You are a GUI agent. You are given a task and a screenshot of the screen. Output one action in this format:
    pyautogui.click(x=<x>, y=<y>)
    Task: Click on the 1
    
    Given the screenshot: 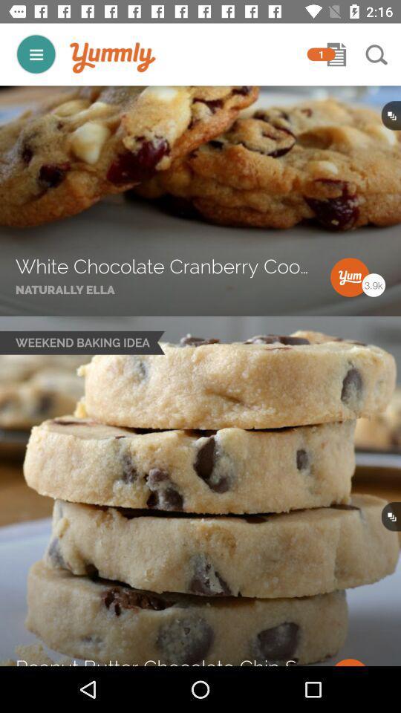 What is the action you would take?
    pyautogui.click(x=320, y=54)
    